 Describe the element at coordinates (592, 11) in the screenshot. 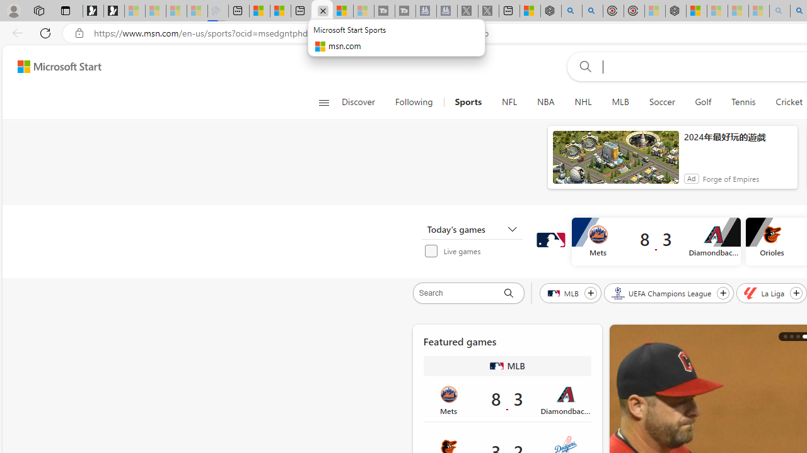

I see `'poe ++ standard - Search'` at that location.